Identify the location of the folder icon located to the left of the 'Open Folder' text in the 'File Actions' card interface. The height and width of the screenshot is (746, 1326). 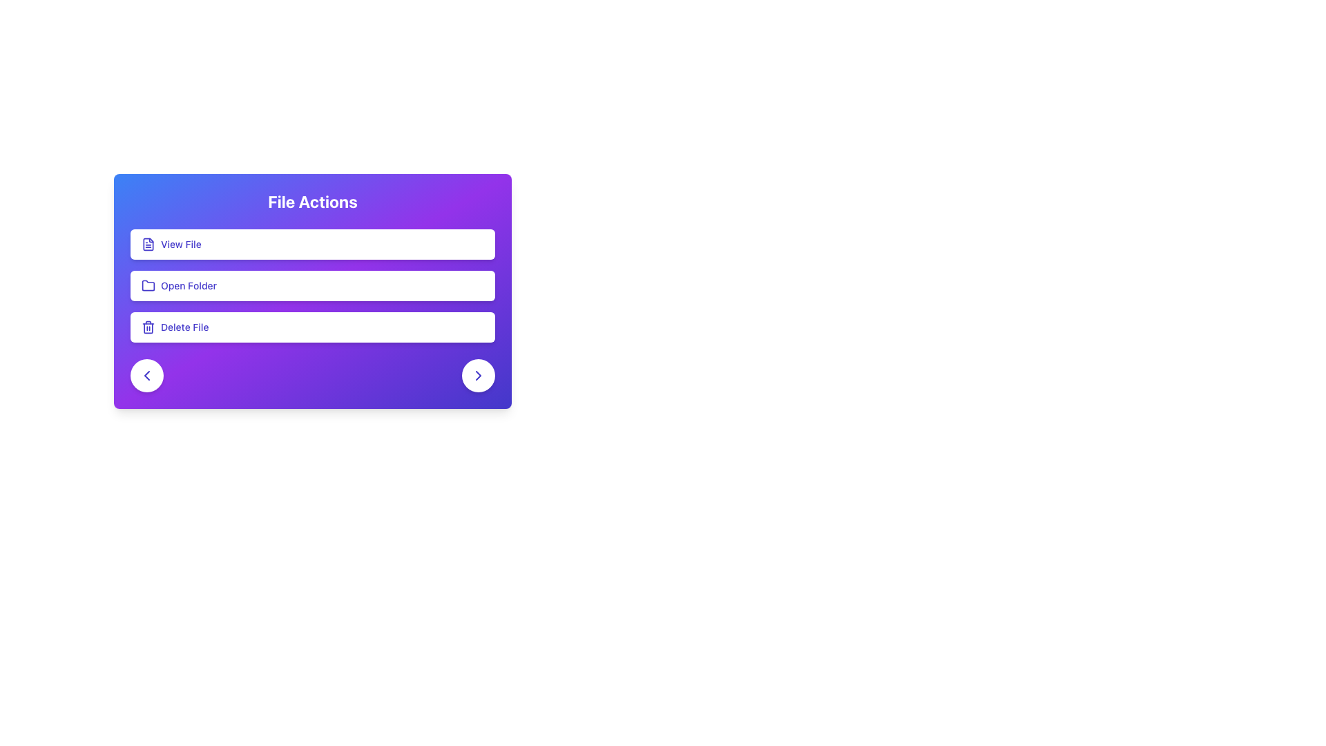
(148, 285).